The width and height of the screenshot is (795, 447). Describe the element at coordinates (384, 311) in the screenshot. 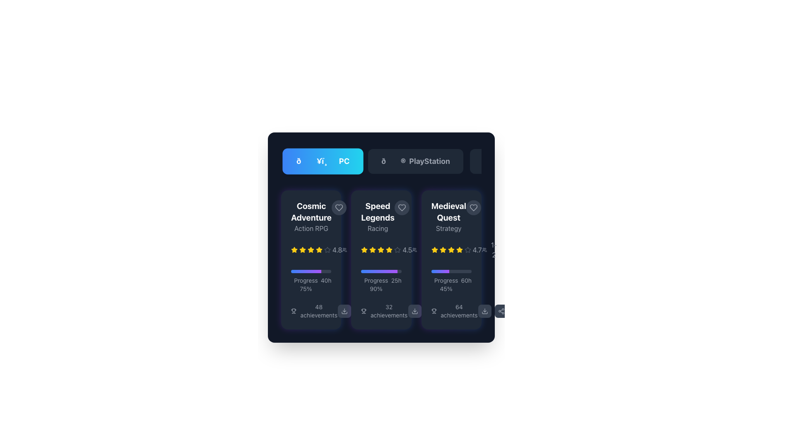

I see `the static text element displaying '32 achievements' with a trophy icon, located in the middle card of the game 'Speed Legends'` at that location.